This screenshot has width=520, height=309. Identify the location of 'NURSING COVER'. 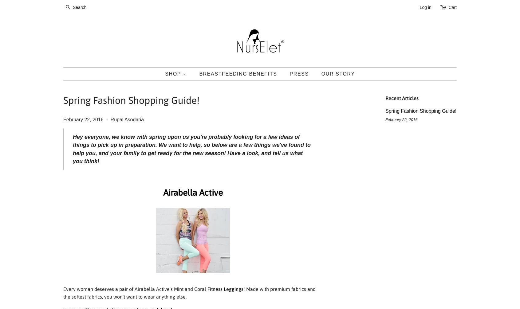
(165, 131).